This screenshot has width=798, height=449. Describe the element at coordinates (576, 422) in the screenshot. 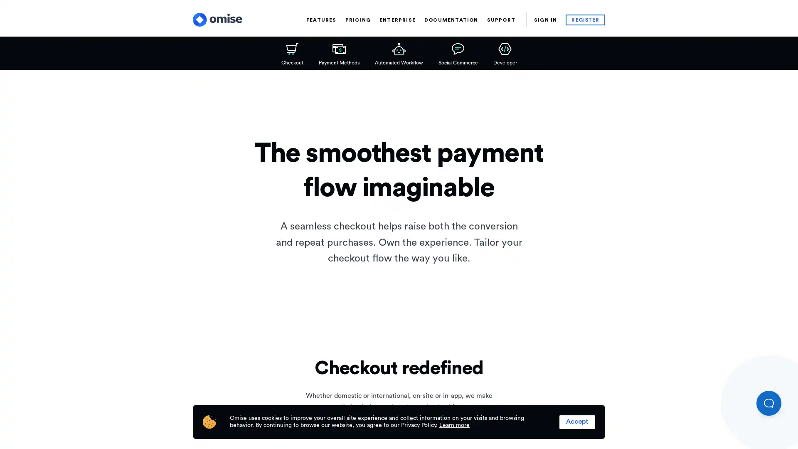

I see `Accept` at that location.